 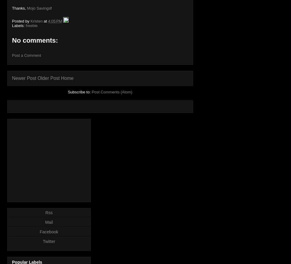 I want to click on 'Subscribe to:', so click(x=80, y=92).